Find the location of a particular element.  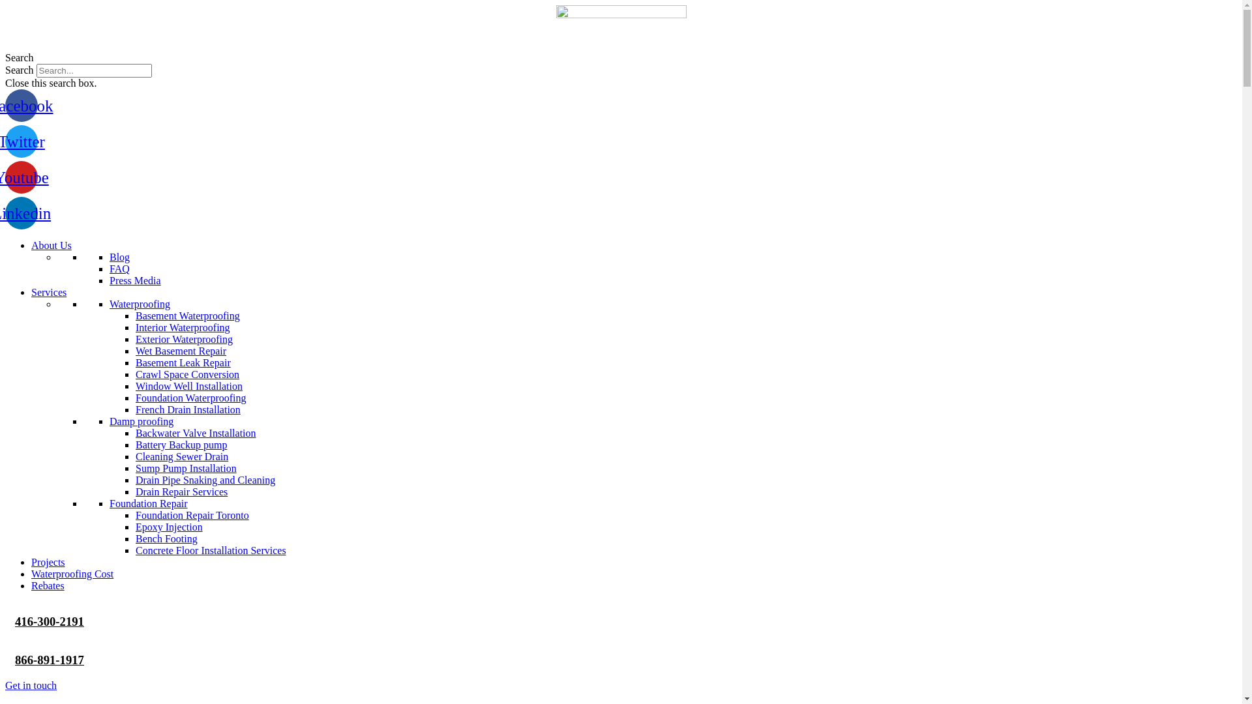

'Concrete Floor Installation Services' is located at coordinates (211, 550).